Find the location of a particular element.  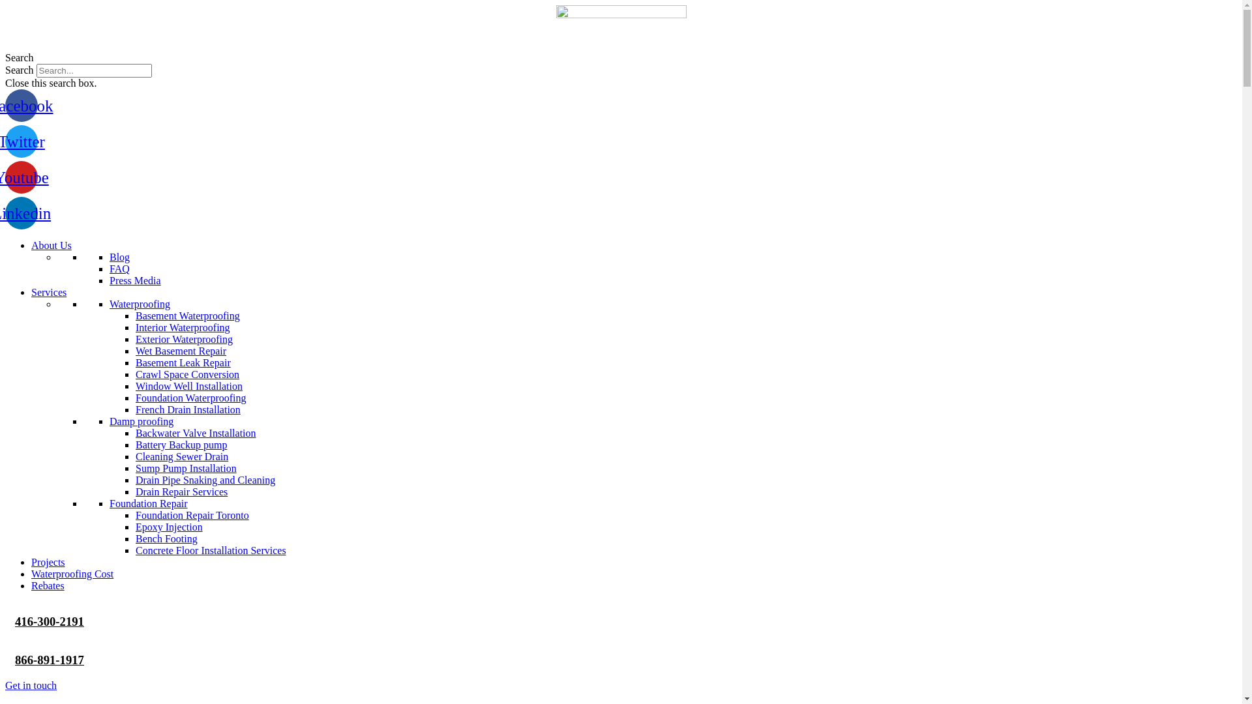

'Concrete Floor Installation Services' is located at coordinates (211, 550).